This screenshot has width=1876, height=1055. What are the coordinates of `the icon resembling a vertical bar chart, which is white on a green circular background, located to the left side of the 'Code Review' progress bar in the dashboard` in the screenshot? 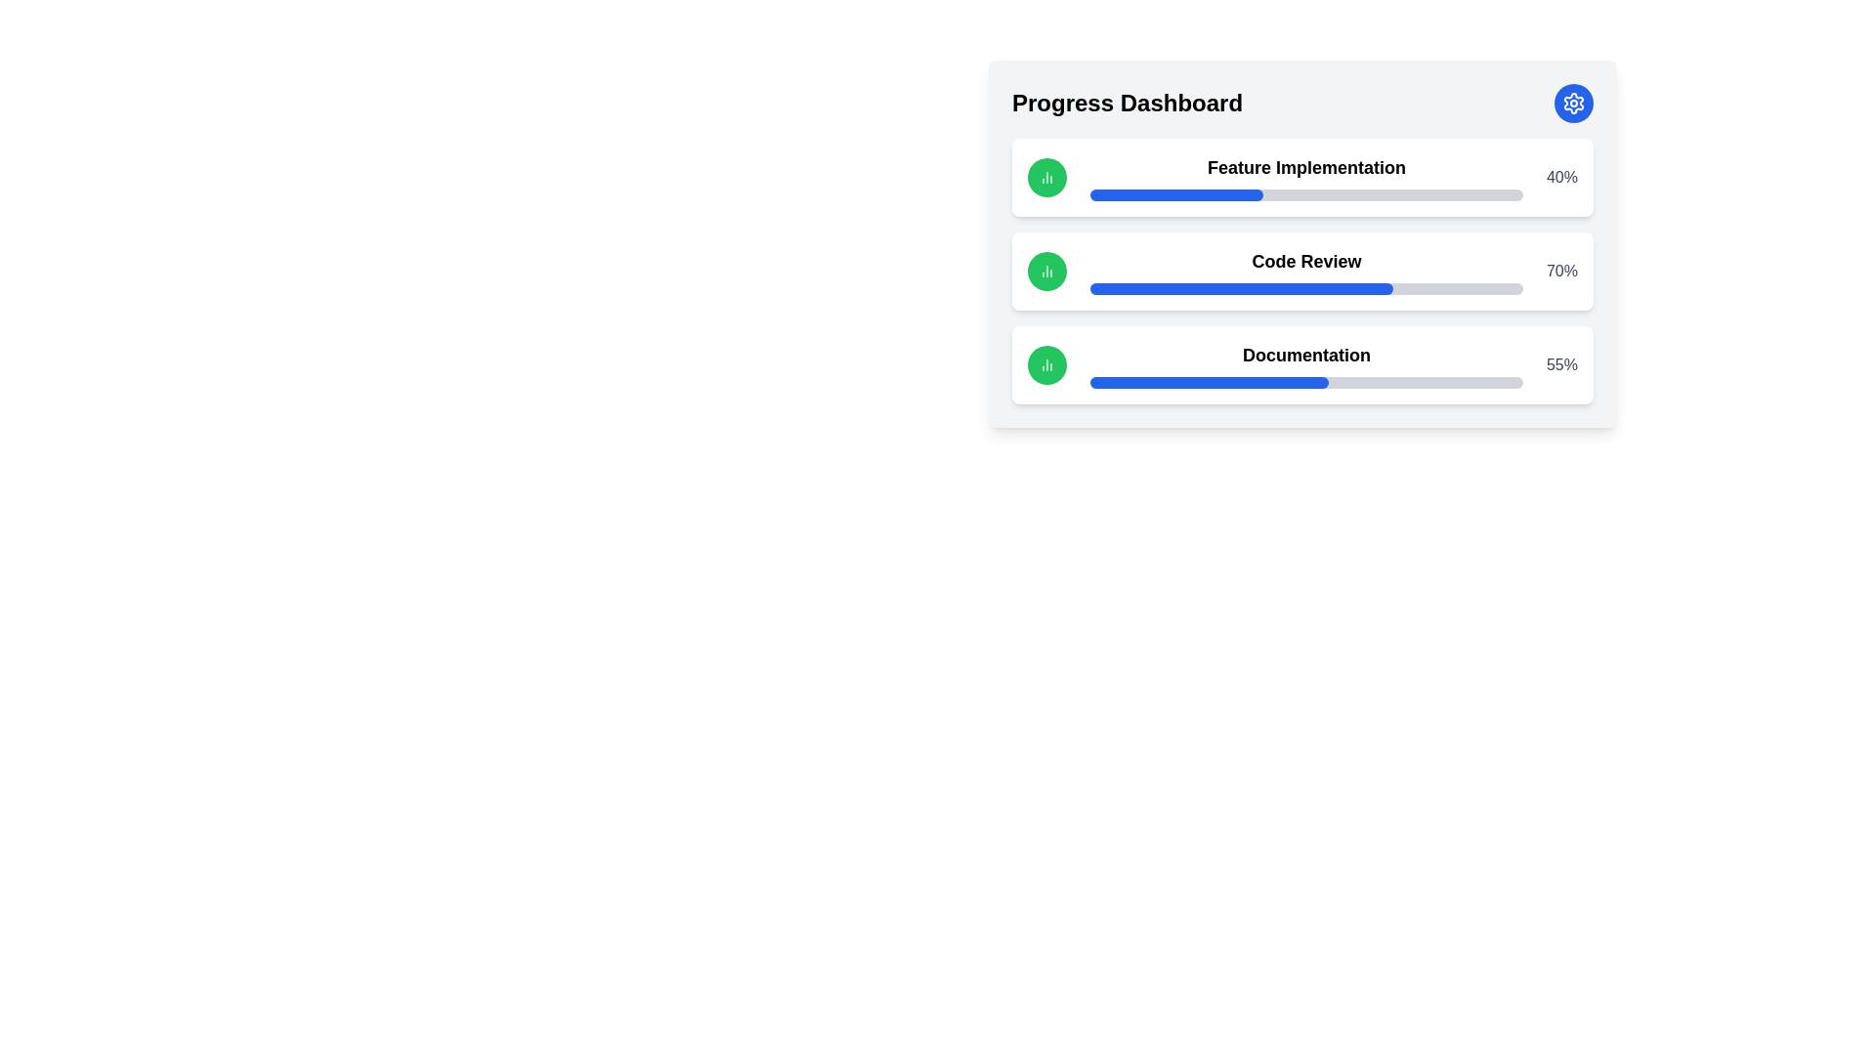 It's located at (1045, 271).